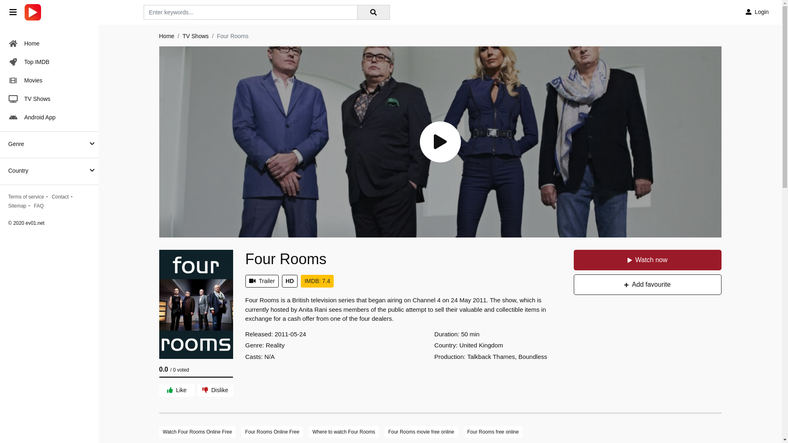 Image resolution: width=788 pixels, height=443 pixels. I want to click on 'Like', so click(159, 390).